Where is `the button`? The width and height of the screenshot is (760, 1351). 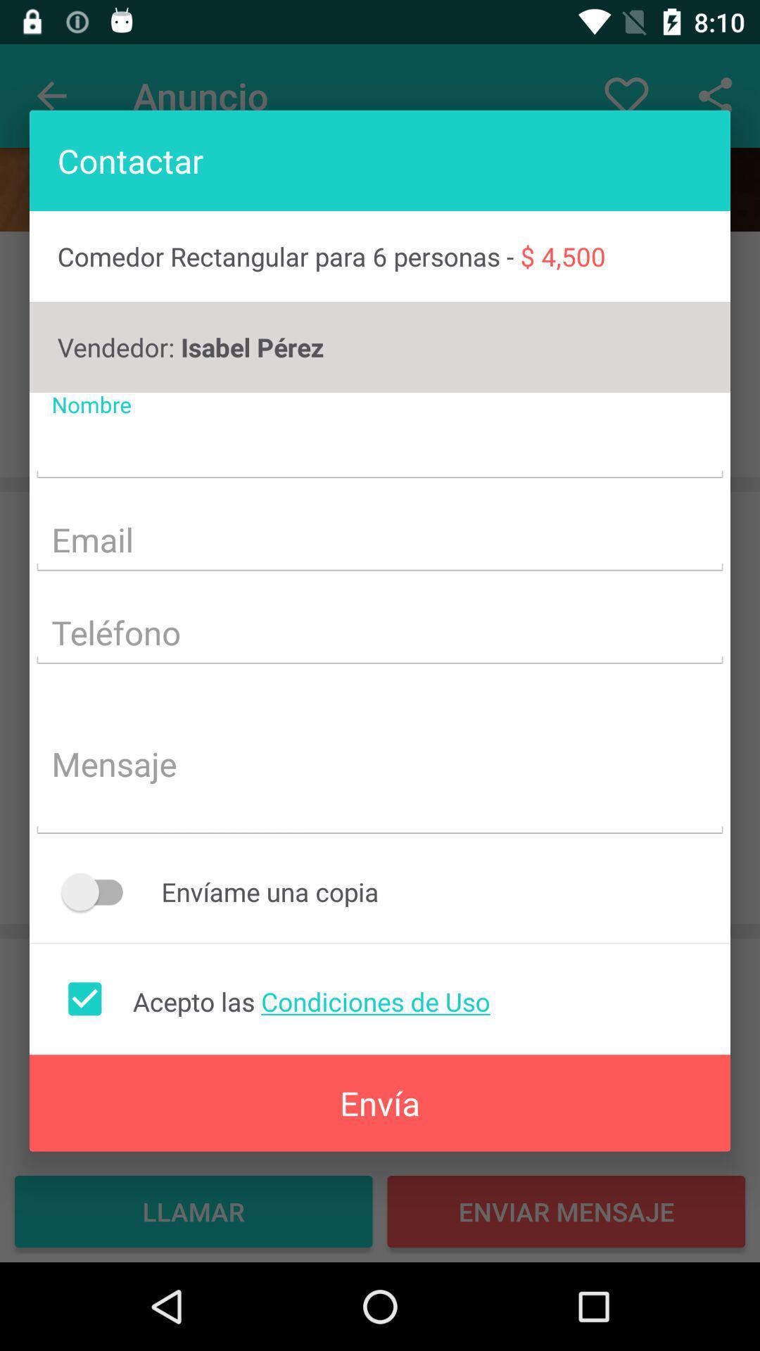
the button is located at coordinates (99, 891).